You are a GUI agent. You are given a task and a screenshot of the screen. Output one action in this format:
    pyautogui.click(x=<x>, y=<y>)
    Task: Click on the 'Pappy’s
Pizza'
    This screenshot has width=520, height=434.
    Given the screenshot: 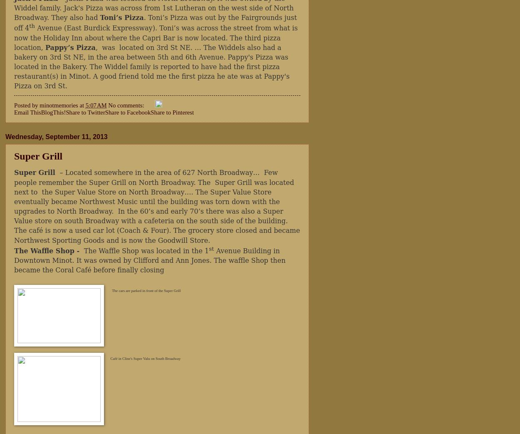 What is the action you would take?
    pyautogui.click(x=45, y=47)
    